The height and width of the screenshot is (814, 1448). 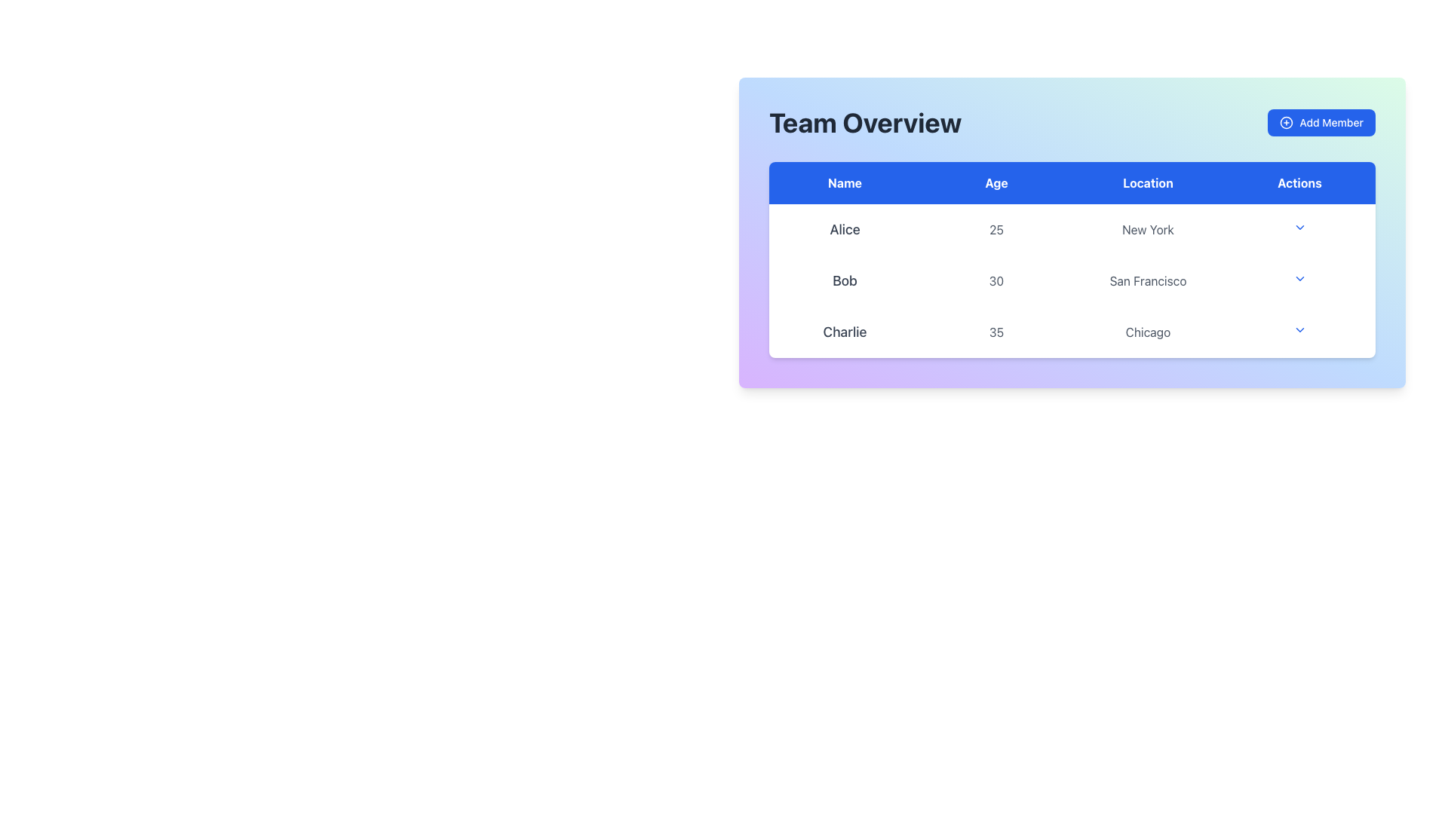 I want to click on the static text element displaying the number '25' in gray color, located in the second column under the 'Age' header of a table layout, so click(x=996, y=229).